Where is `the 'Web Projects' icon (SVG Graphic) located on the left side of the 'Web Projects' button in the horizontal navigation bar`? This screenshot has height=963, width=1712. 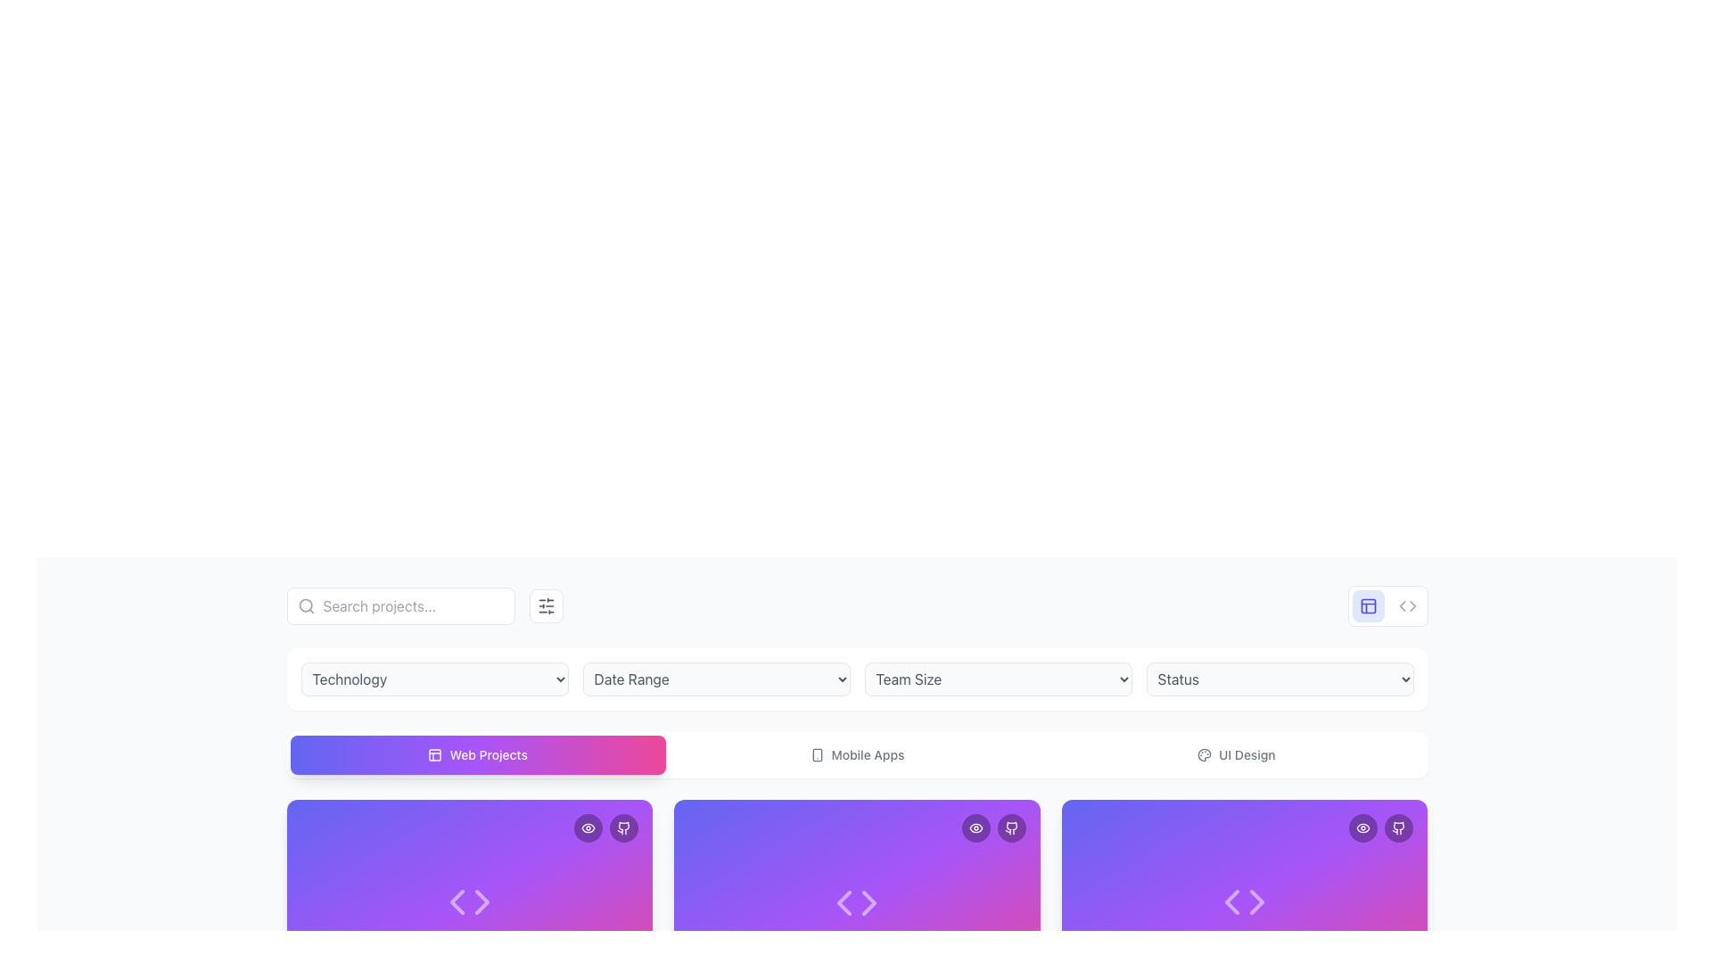
the 'Web Projects' icon (SVG Graphic) located on the left side of the 'Web Projects' button in the horizontal navigation bar is located at coordinates (435, 755).